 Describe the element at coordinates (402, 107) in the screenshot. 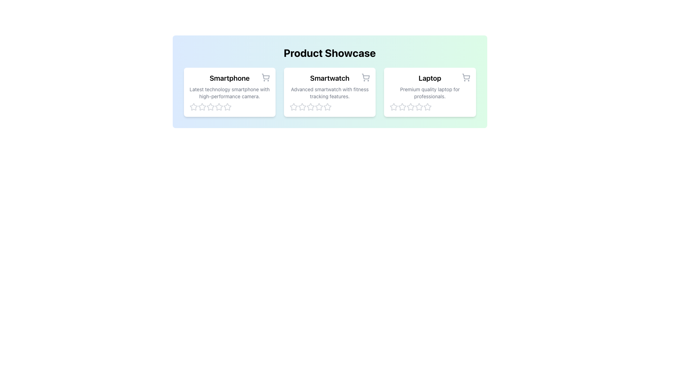

I see `the third Rating Star Icon in the horizontal sequence of five stars below the description for the 'Laptop' product to trigger an interaction effect` at that location.